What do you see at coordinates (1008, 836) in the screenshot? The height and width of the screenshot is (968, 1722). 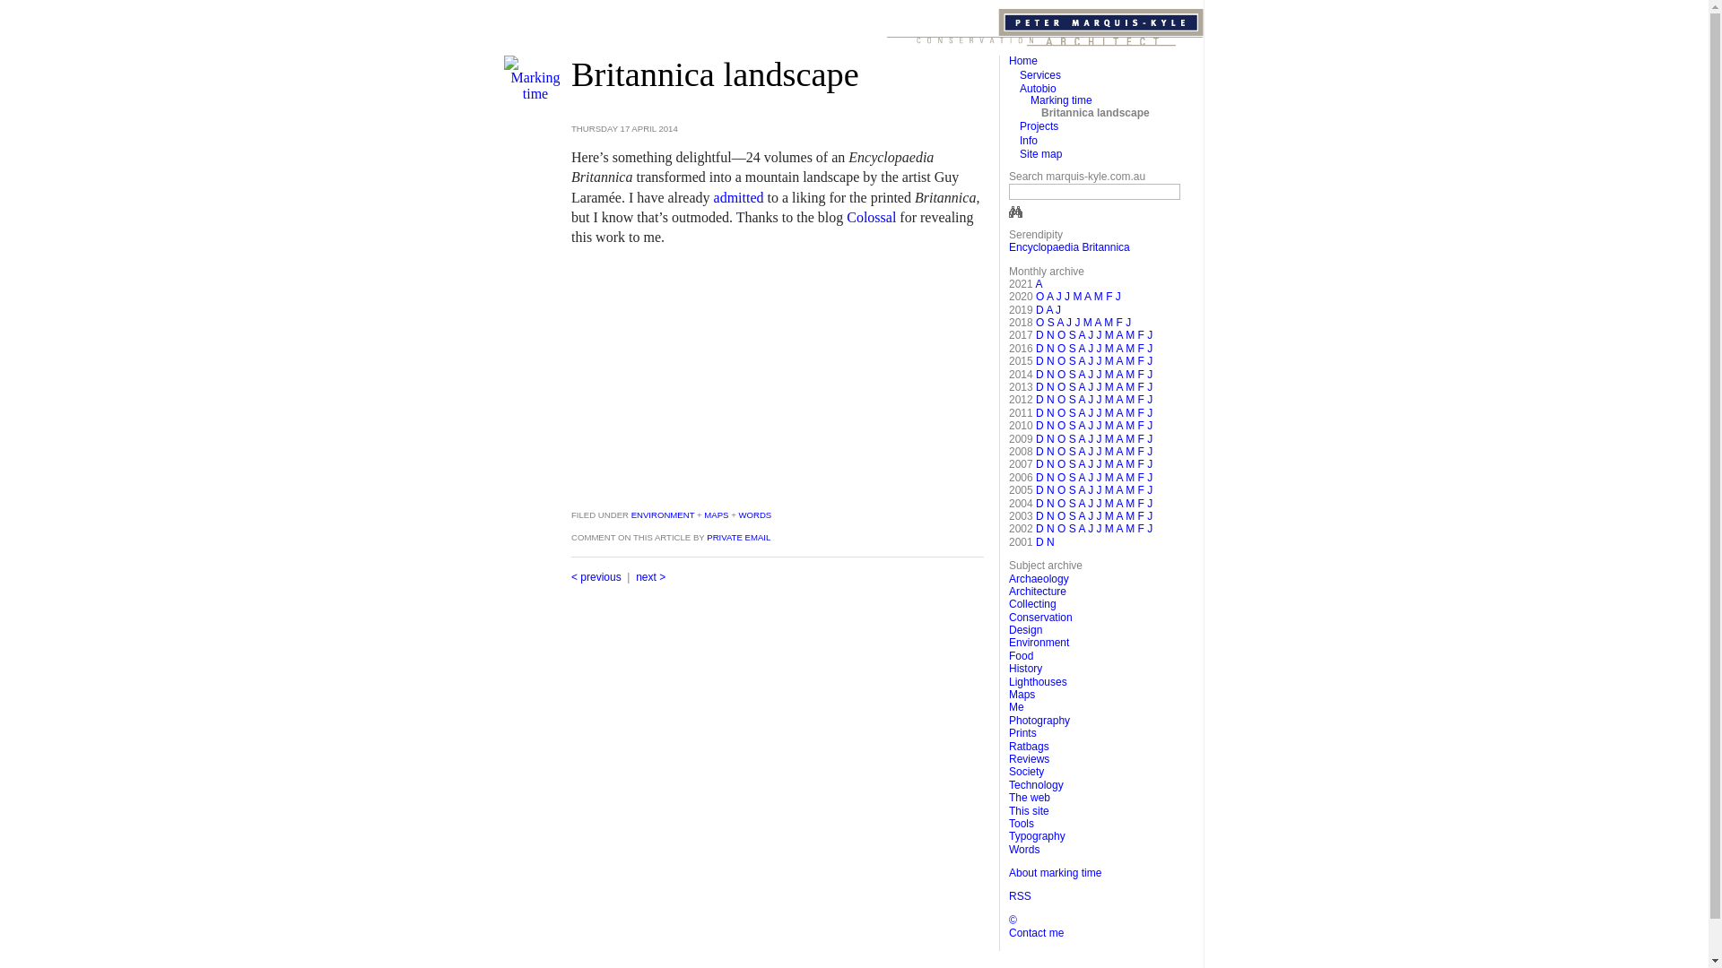 I see `'Typography'` at bounding box center [1008, 836].